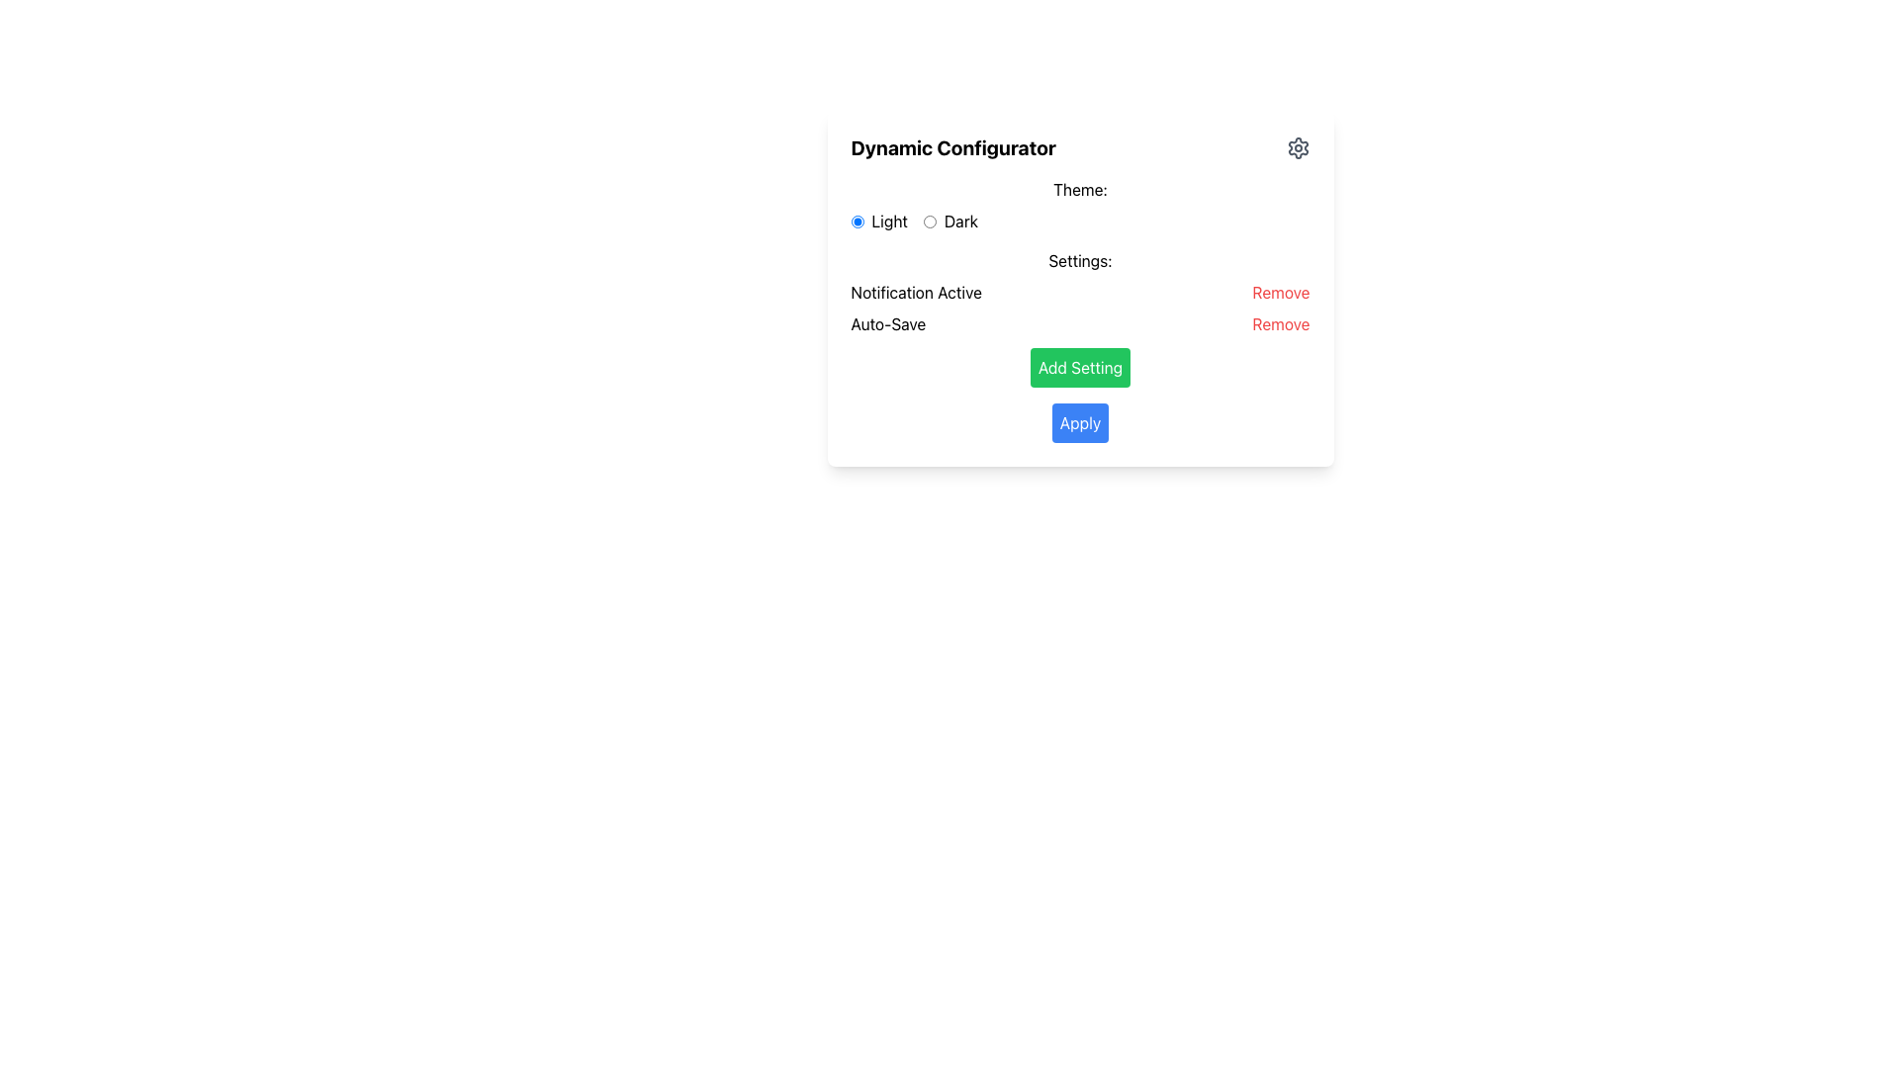  Describe the element at coordinates (877, 221) in the screenshot. I see `the 'Light' theme radio button` at that location.